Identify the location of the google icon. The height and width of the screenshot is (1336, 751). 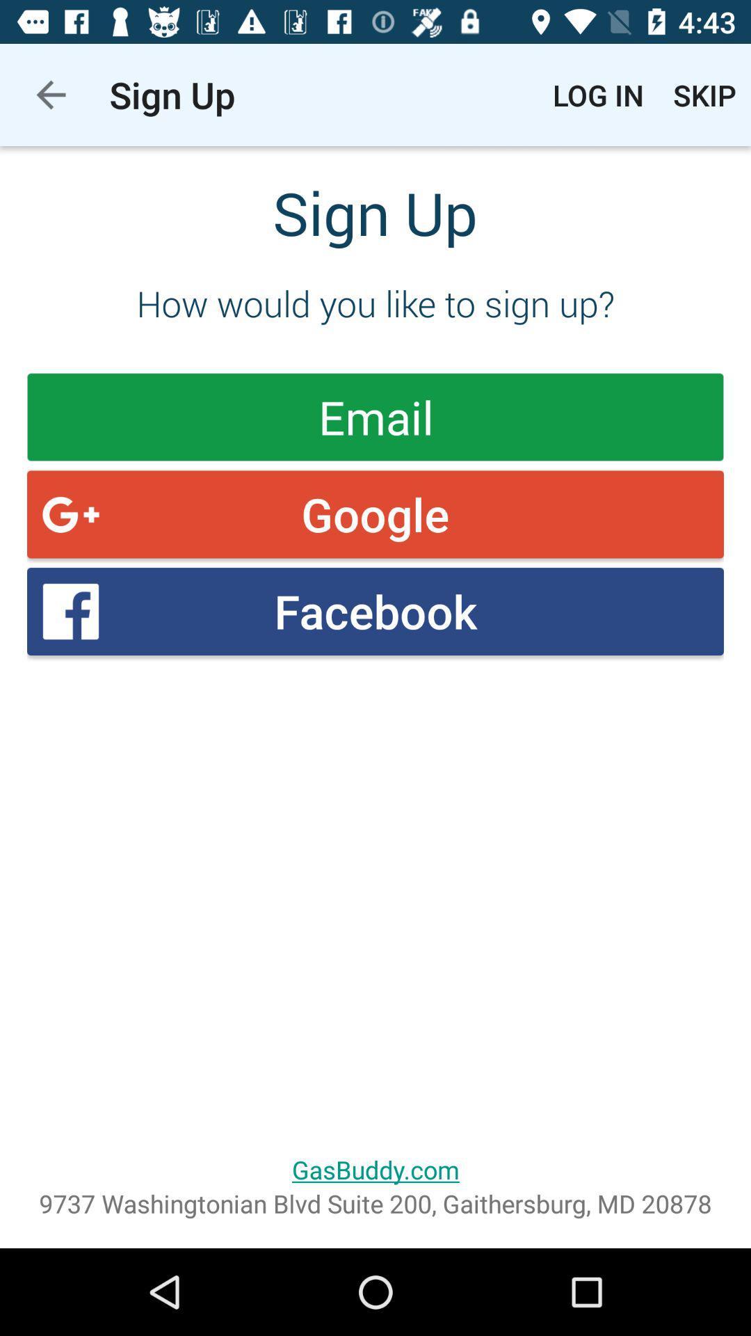
(375, 514).